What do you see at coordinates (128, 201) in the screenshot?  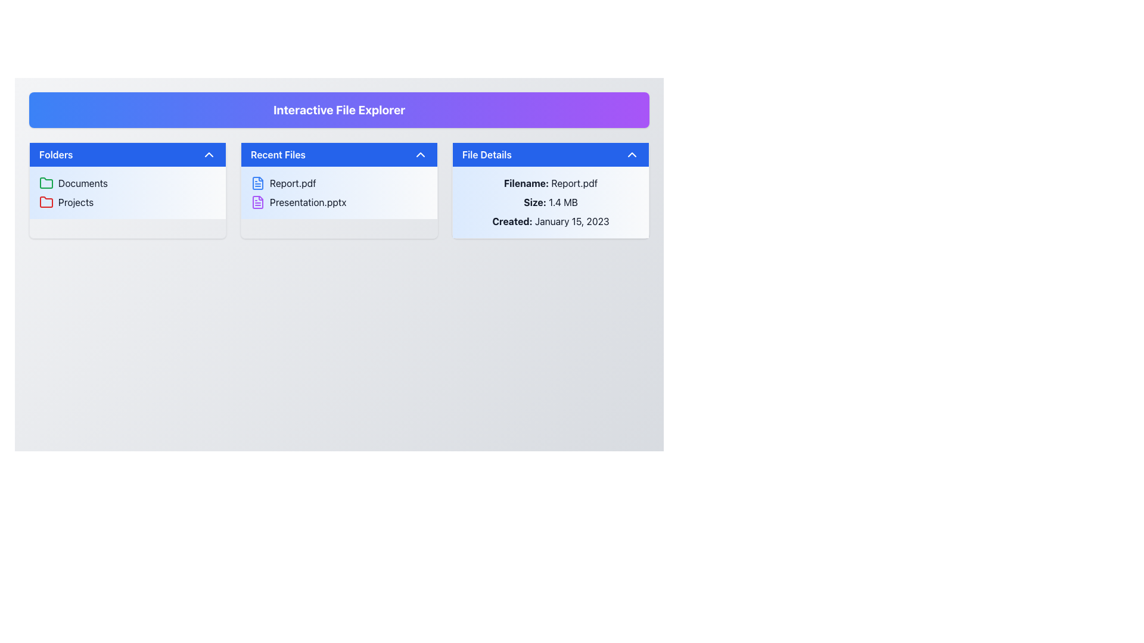 I see `the selectable folder labeled 'Projects' in the file explorer` at bounding box center [128, 201].